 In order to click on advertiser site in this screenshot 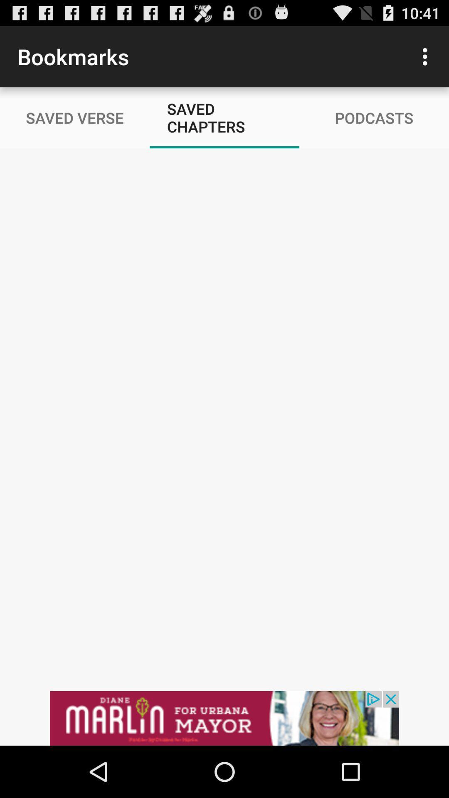, I will do `click(224, 718)`.